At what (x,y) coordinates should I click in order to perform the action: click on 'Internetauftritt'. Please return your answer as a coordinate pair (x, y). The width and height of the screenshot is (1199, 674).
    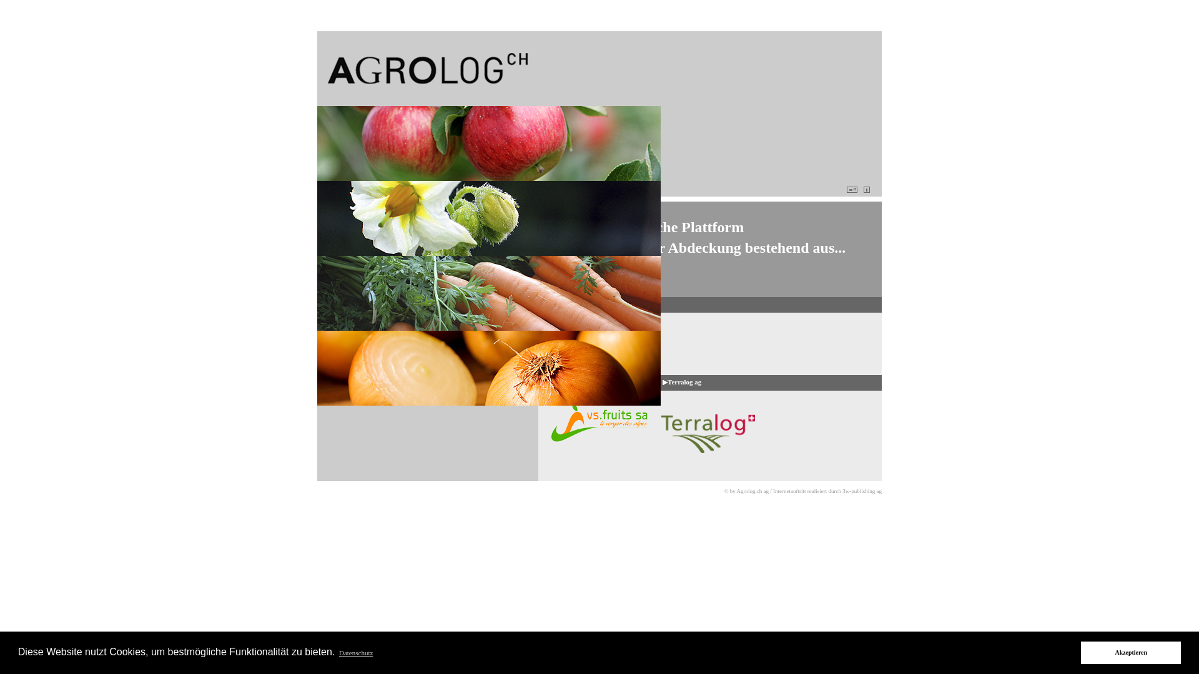
    Looking at the image, I should click on (788, 490).